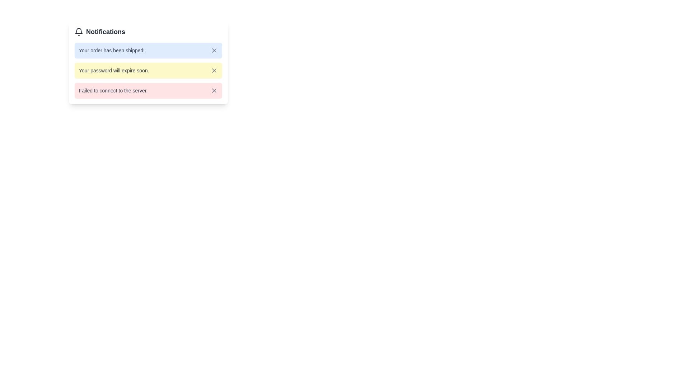 This screenshot has width=689, height=387. What do you see at coordinates (214, 50) in the screenshot?
I see `the close button represented by a small gray 'X' icon within the notification card that says 'Your order has been shipped!' to change its color` at bounding box center [214, 50].